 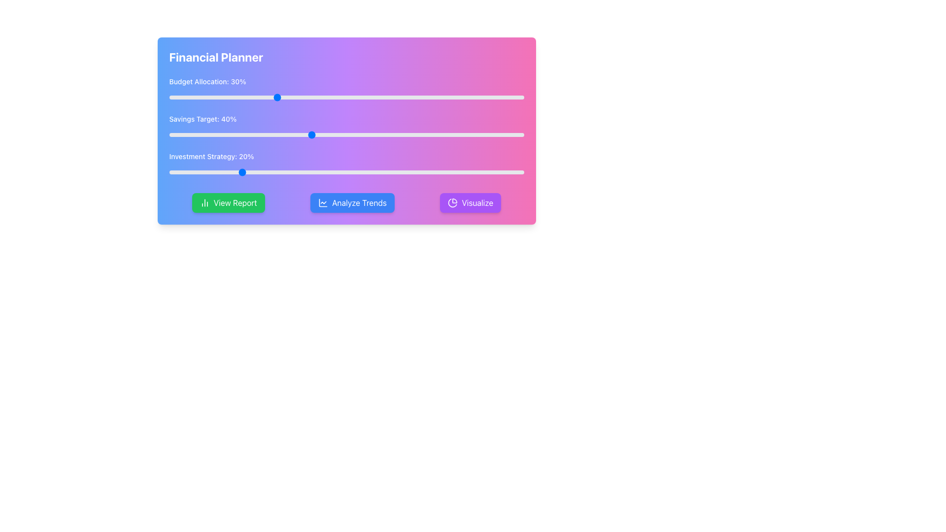 I want to click on the trend analysis button located below the 'Financial Planner' section, positioned to the right of the 'View Report' green button and to the left of the 'Visualize' purple button, to observe styling changes, so click(x=352, y=202).